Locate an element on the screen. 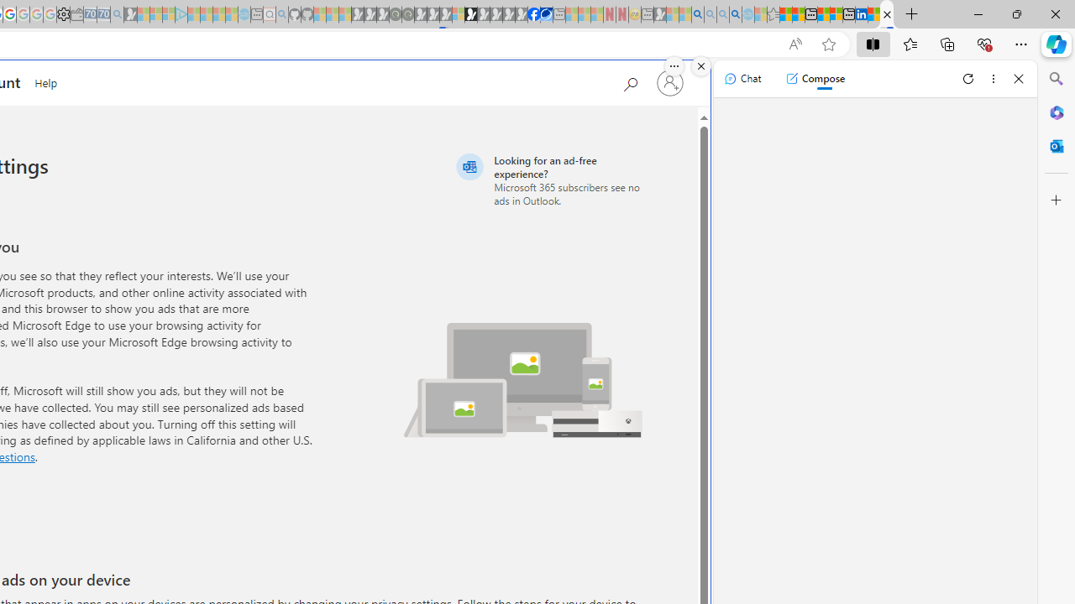  'LinkedIn' is located at coordinates (861, 14).